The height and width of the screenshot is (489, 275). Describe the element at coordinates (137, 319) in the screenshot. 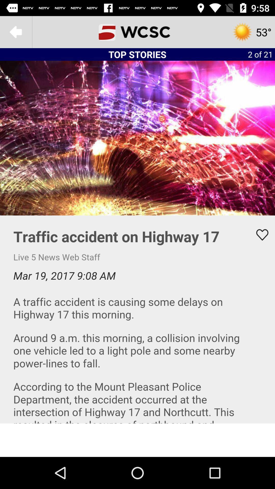

I see `area to scroll and read news` at that location.